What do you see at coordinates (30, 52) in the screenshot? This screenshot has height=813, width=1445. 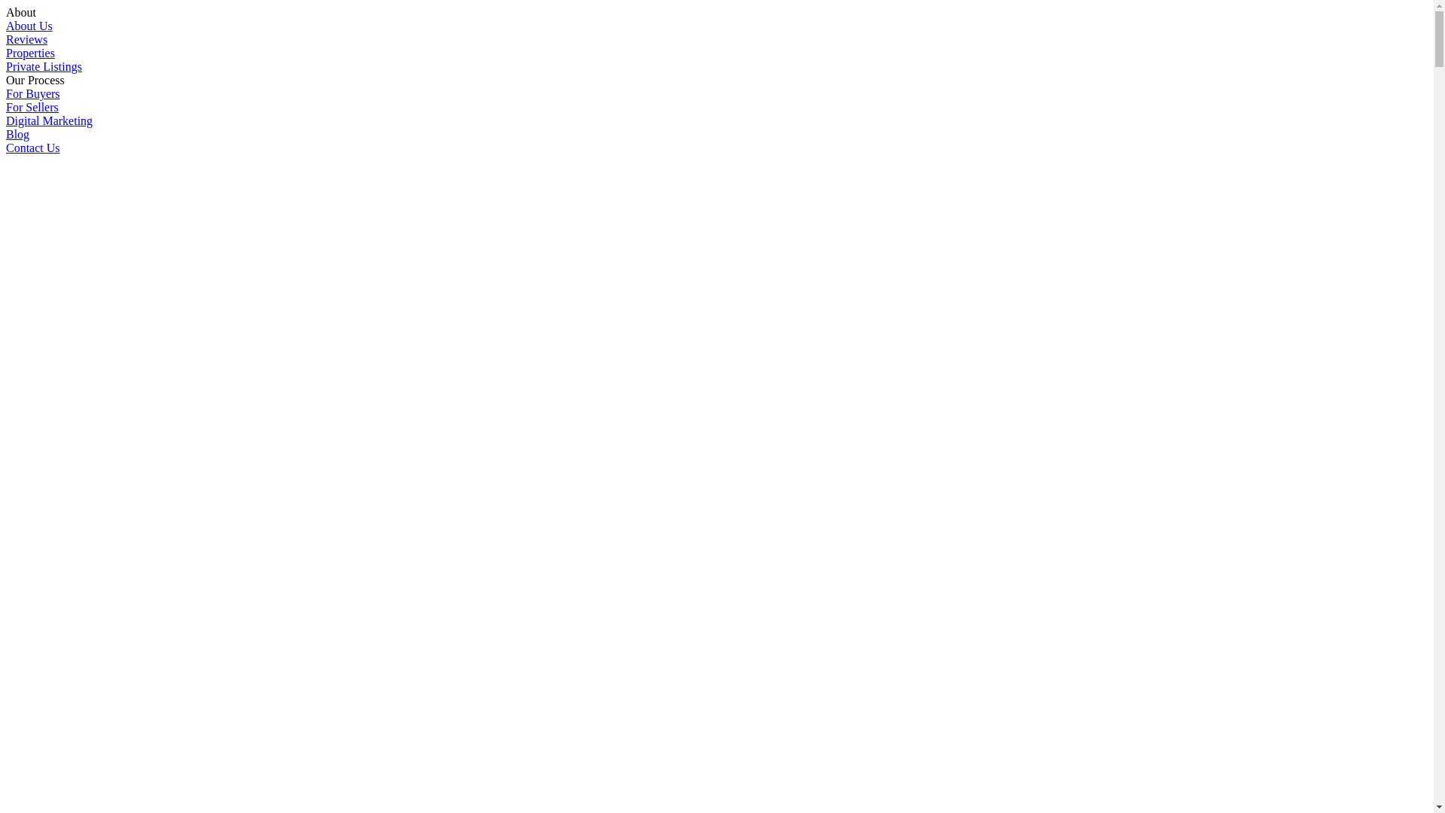 I see `'Properties'` at bounding box center [30, 52].